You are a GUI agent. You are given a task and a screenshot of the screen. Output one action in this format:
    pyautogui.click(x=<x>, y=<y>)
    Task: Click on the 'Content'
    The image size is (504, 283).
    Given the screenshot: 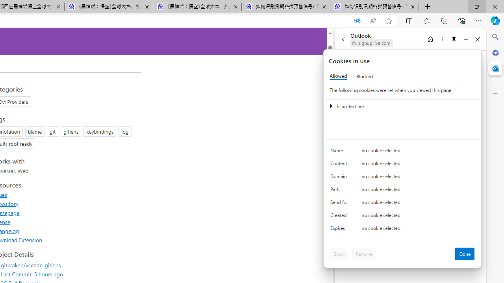 What is the action you would take?
    pyautogui.click(x=341, y=165)
    